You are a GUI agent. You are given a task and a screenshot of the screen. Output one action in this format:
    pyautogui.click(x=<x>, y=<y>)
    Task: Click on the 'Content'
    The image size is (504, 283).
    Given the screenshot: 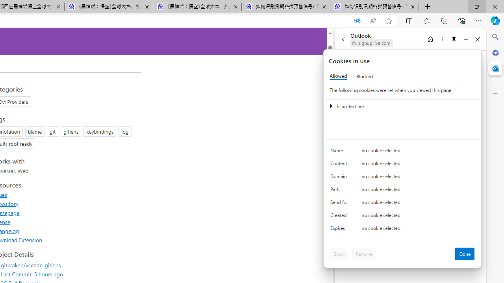 What is the action you would take?
    pyautogui.click(x=341, y=165)
    